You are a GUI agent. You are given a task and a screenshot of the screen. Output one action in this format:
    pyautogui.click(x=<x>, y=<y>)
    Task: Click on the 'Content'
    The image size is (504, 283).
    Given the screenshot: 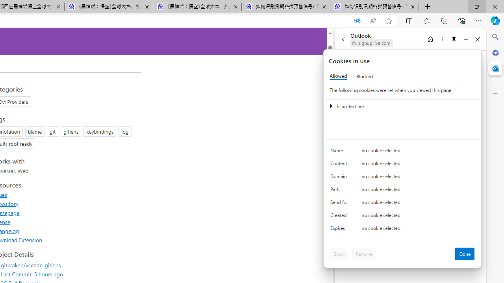 What is the action you would take?
    pyautogui.click(x=341, y=165)
    